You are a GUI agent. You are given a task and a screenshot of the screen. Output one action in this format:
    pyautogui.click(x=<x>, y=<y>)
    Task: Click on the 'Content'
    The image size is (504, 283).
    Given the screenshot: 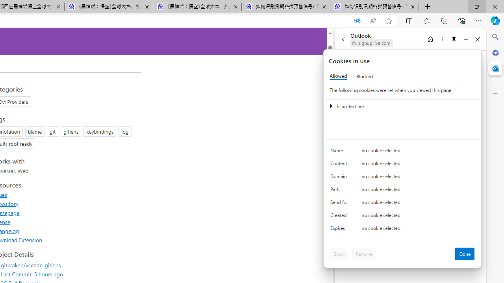 What is the action you would take?
    pyautogui.click(x=341, y=165)
    